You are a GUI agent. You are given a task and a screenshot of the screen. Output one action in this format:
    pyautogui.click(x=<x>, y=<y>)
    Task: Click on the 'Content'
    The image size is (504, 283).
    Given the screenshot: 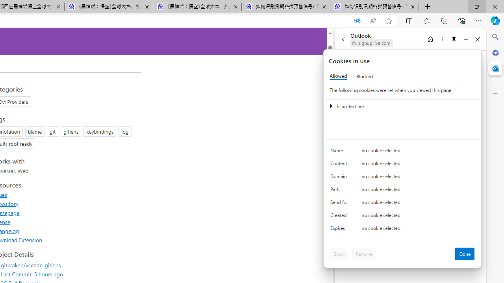 What is the action you would take?
    pyautogui.click(x=341, y=165)
    